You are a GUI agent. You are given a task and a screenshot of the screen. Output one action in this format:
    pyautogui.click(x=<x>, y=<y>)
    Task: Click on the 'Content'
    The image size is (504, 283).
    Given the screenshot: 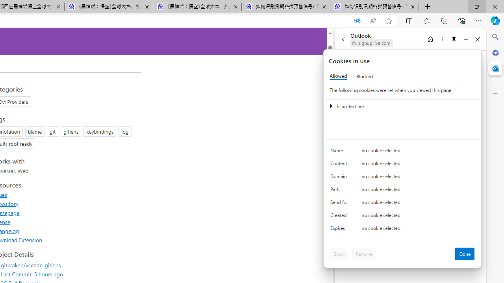 What is the action you would take?
    pyautogui.click(x=341, y=165)
    